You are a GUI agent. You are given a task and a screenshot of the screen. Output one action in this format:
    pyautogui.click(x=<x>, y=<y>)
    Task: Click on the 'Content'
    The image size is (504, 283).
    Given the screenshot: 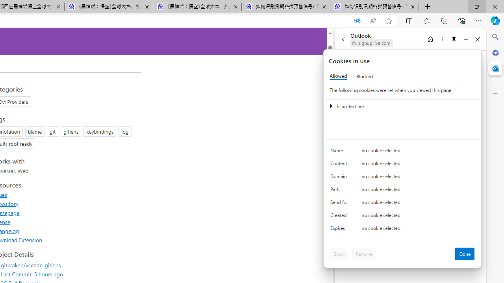 What is the action you would take?
    pyautogui.click(x=341, y=165)
    